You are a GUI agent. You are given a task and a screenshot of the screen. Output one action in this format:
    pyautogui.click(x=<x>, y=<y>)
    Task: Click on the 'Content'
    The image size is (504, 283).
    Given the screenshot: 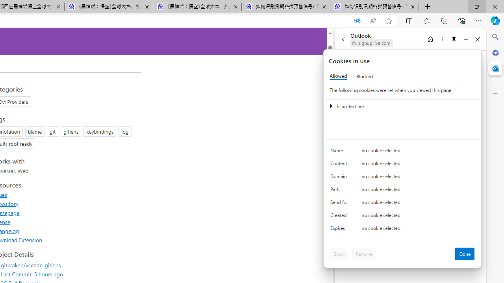 What is the action you would take?
    pyautogui.click(x=341, y=165)
    